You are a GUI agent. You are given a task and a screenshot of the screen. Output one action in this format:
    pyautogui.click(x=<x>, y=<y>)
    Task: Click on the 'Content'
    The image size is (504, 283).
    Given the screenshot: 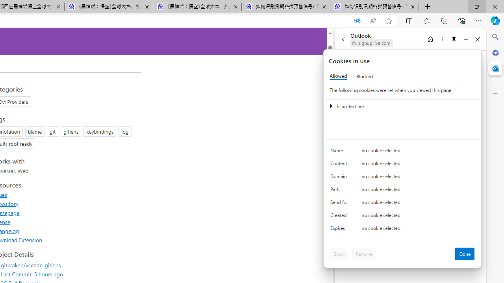 What is the action you would take?
    pyautogui.click(x=341, y=165)
    